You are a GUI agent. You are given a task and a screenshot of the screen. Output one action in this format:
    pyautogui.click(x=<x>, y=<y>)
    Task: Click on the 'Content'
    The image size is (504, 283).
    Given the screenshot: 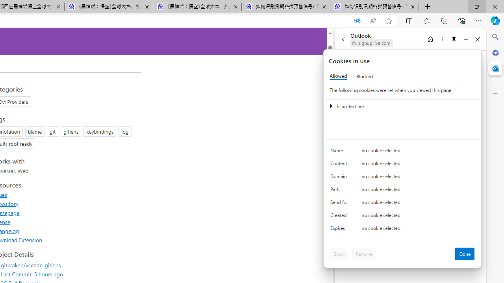 What is the action you would take?
    pyautogui.click(x=341, y=165)
    